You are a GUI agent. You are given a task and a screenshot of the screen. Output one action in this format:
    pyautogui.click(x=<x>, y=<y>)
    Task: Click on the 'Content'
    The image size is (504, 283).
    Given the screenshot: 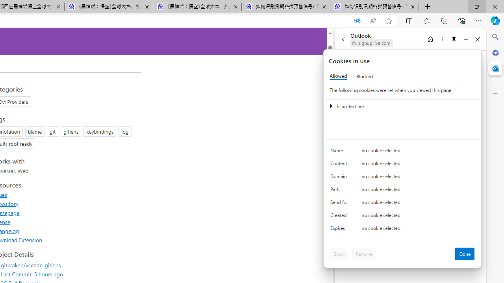 What is the action you would take?
    pyautogui.click(x=341, y=165)
    